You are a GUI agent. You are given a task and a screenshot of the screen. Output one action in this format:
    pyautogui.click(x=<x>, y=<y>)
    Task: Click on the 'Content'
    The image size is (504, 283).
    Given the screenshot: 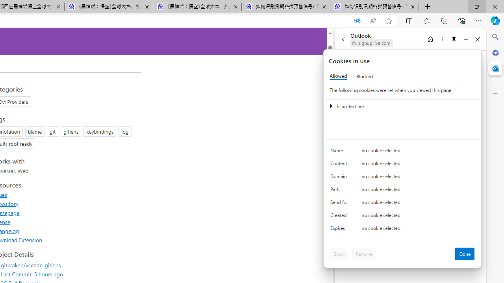 What is the action you would take?
    pyautogui.click(x=341, y=165)
    